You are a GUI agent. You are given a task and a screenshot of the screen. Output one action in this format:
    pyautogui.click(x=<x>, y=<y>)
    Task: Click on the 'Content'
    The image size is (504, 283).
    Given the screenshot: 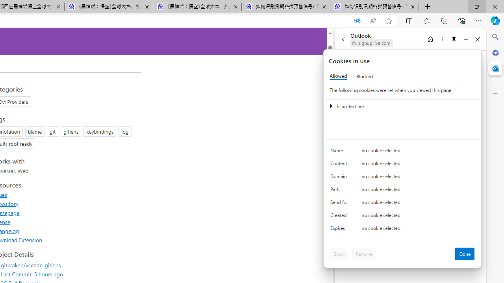 What is the action you would take?
    pyautogui.click(x=341, y=165)
    